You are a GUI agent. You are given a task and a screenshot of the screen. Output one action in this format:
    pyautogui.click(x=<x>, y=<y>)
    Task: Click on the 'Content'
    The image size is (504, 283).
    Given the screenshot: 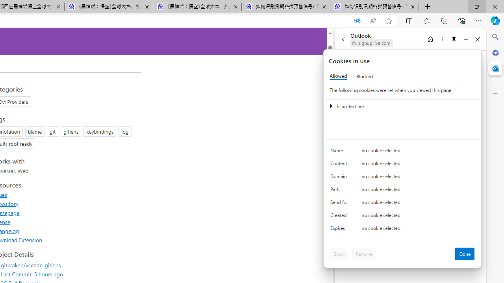 What is the action you would take?
    pyautogui.click(x=341, y=165)
    